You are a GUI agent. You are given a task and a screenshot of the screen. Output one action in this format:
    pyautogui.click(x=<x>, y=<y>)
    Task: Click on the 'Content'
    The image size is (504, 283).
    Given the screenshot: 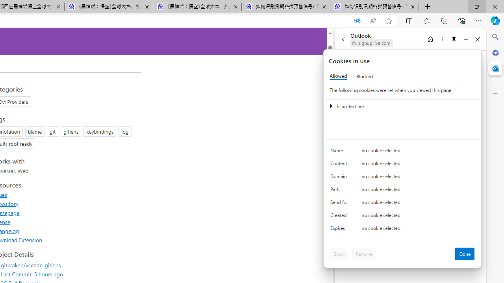 What is the action you would take?
    pyautogui.click(x=341, y=165)
    